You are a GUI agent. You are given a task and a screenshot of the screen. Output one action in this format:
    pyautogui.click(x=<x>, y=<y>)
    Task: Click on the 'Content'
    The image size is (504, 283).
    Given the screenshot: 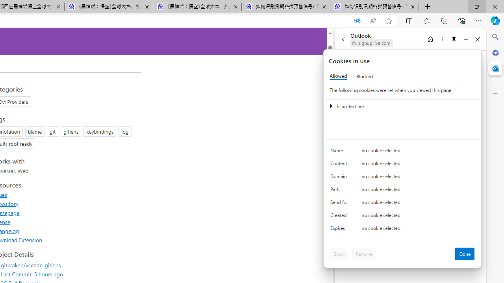 What is the action you would take?
    pyautogui.click(x=341, y=165)
    